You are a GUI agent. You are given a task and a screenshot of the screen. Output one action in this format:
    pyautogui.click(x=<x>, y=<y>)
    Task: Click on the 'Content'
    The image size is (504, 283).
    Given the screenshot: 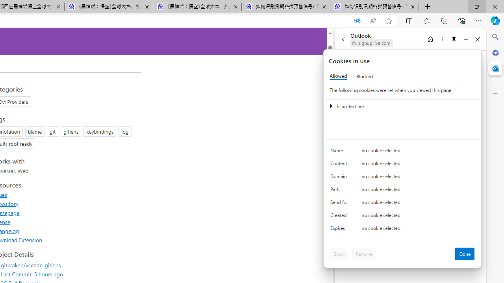 What is the action you would take?
    pyautogui.click(x=341, y=165)
    